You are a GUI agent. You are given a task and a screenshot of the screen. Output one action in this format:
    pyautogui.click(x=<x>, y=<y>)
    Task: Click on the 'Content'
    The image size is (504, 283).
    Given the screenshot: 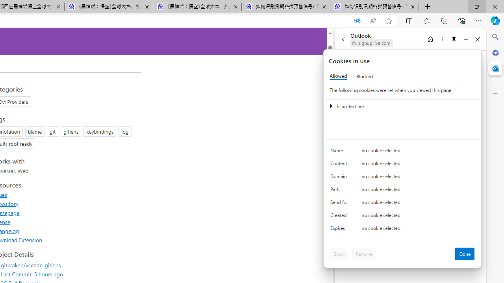 What is the action you would take?
    pyautogui.click(x=341, y=165)
    